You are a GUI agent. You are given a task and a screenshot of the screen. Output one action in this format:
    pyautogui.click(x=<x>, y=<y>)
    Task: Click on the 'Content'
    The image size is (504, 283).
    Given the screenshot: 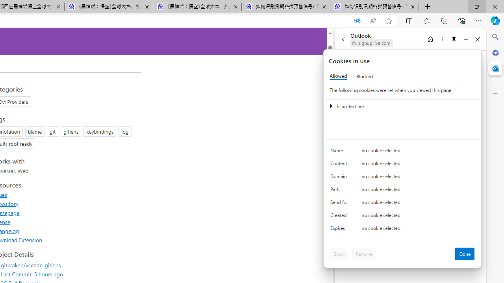 What is the action you would take?
    pyautogui.click(x=341, y=165)
    